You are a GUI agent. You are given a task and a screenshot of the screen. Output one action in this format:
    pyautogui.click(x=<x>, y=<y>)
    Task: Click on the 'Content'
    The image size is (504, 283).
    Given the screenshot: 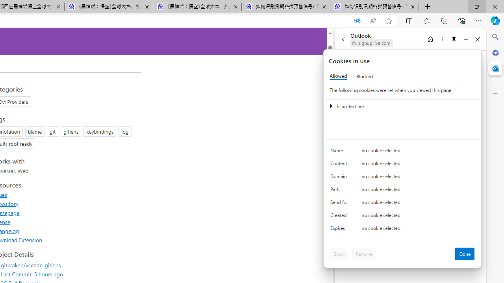 What is the action you would take?
    pyautogui.click(x=341, y=165)
    